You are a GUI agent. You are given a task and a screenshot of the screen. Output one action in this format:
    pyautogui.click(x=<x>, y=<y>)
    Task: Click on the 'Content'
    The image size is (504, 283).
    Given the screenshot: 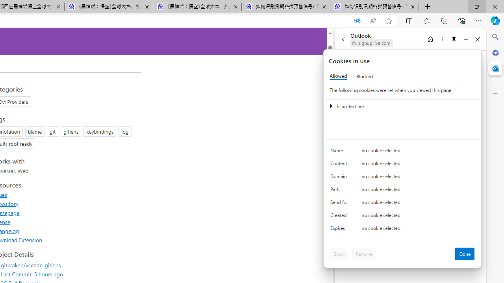 What is the action you would take?
    pyautogui.click(x=341, y=165)
    